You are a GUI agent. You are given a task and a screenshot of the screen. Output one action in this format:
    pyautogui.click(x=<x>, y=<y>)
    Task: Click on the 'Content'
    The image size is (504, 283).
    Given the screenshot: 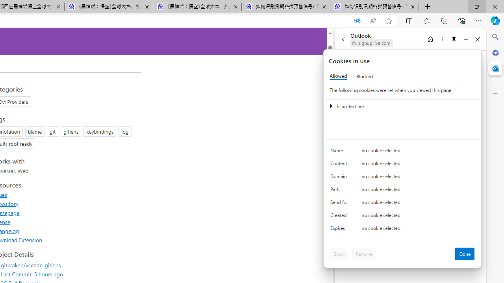 What is the action you would take?
    pyautogui.click(x=341, y=165)
    